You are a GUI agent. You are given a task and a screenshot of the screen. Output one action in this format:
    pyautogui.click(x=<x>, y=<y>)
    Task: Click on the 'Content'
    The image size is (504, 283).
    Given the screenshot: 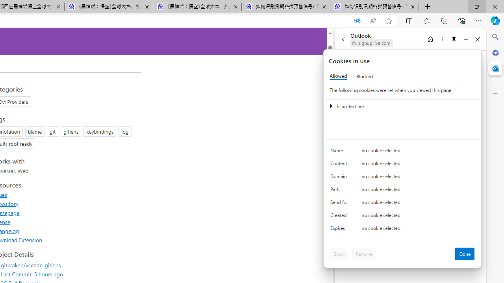 What is the action you would take?
    pyautogui.click(x=341, y=165)
    